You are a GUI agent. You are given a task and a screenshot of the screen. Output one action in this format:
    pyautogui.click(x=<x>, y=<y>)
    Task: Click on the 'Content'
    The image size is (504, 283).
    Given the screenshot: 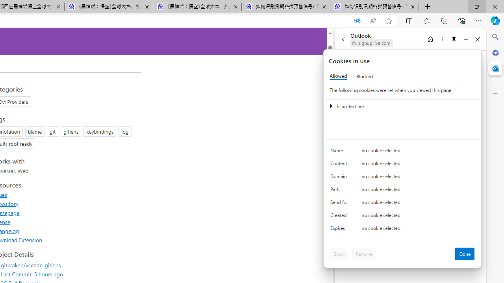 What is the action you would take?
    pyautogui.click(x=341, y=165)
    